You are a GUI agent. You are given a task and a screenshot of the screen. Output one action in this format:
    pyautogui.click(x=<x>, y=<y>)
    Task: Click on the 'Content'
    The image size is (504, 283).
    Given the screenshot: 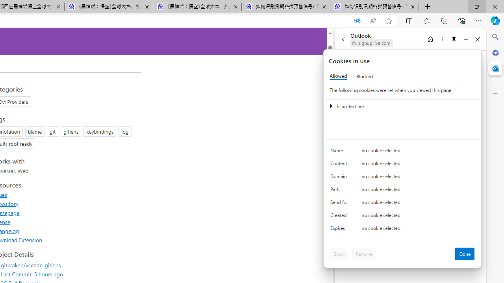 What is the action you would take?
    pyautogui.click(x=341, y=165)
    